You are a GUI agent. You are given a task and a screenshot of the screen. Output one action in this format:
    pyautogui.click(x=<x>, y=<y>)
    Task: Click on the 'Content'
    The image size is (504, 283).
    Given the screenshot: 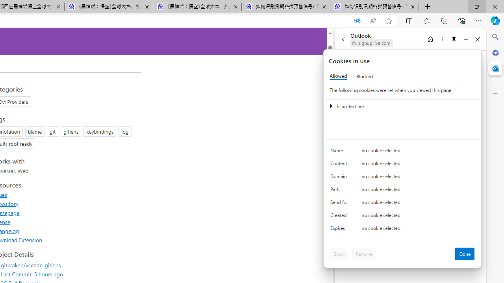 What is the action you would take?
    pyautogui.click(x=341, y=165)
    